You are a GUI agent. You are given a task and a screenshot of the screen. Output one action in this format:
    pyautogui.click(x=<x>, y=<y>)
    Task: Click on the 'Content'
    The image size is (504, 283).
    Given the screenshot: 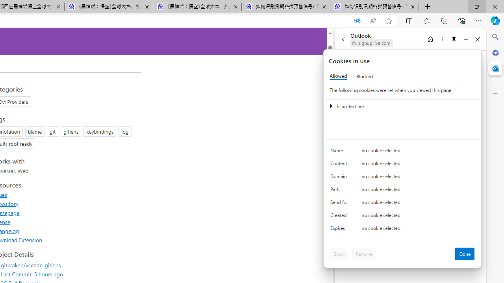 What is the action you would take?
    pyautogui.click(x=341, y=165)
    